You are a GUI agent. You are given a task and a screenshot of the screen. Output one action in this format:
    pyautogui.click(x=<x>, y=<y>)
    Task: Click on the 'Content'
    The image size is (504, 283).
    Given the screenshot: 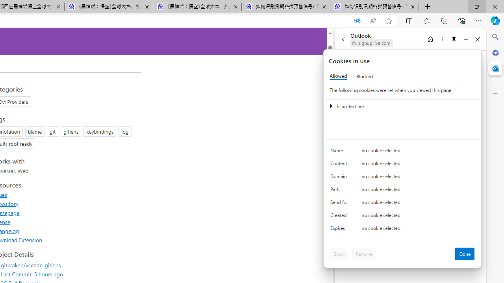 What is the action you would take?
    pyautogui.click(x=341, y=165)
    